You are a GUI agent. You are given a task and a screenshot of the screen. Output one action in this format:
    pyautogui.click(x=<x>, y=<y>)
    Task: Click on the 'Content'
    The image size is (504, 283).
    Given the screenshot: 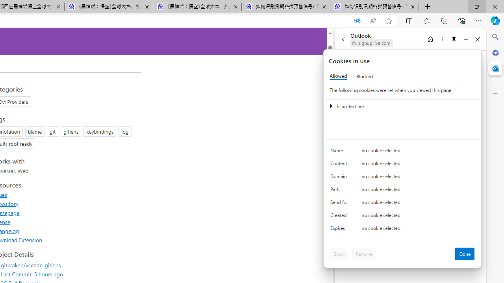 What is the action you would take?
    pyautogui.click(x=341, y=165)
    